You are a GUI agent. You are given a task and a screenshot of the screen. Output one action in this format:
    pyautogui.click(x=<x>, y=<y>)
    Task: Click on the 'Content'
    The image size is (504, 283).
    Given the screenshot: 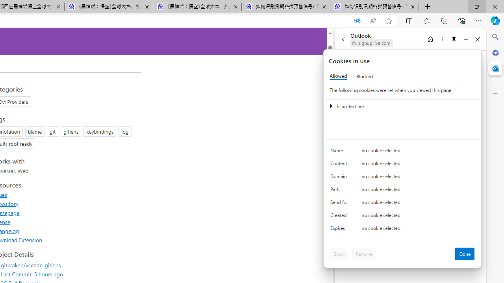 What is the action you would take?
    pyautogui.click(x=341, y=165)
    